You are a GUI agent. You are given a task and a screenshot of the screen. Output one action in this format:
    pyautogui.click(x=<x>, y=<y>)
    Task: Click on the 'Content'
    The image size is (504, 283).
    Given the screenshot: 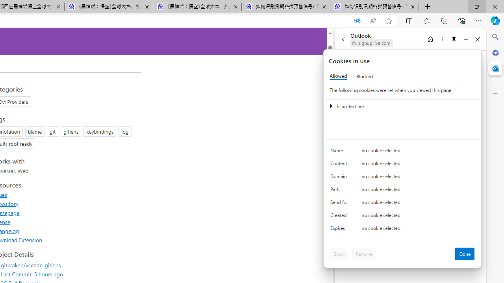 What is the action you would take?
    pyautogui.click(x=341, y=165)
    